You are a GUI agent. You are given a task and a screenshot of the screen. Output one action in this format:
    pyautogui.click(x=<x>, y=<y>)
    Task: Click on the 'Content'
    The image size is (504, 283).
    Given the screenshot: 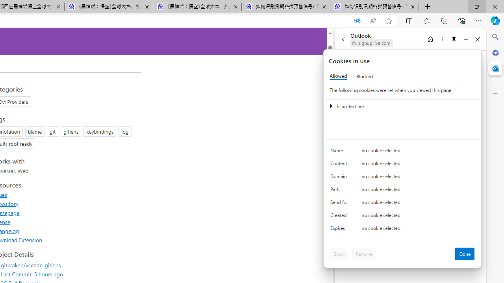 What is the action you would take?
    pyautogui.click(x=341, y=165)
    